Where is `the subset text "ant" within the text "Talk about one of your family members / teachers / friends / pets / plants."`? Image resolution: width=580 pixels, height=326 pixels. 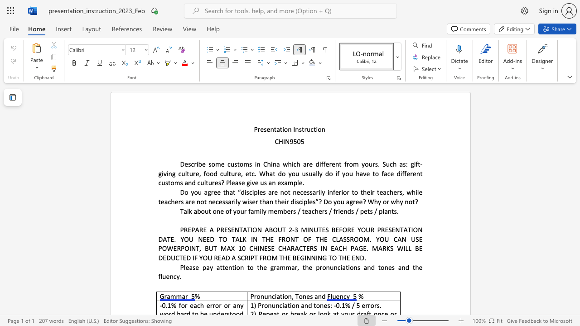
the subset text "ant" within the text "Talk about one of your family members / teachers / friends / pets / plants." is located at coordinates (384, 211).